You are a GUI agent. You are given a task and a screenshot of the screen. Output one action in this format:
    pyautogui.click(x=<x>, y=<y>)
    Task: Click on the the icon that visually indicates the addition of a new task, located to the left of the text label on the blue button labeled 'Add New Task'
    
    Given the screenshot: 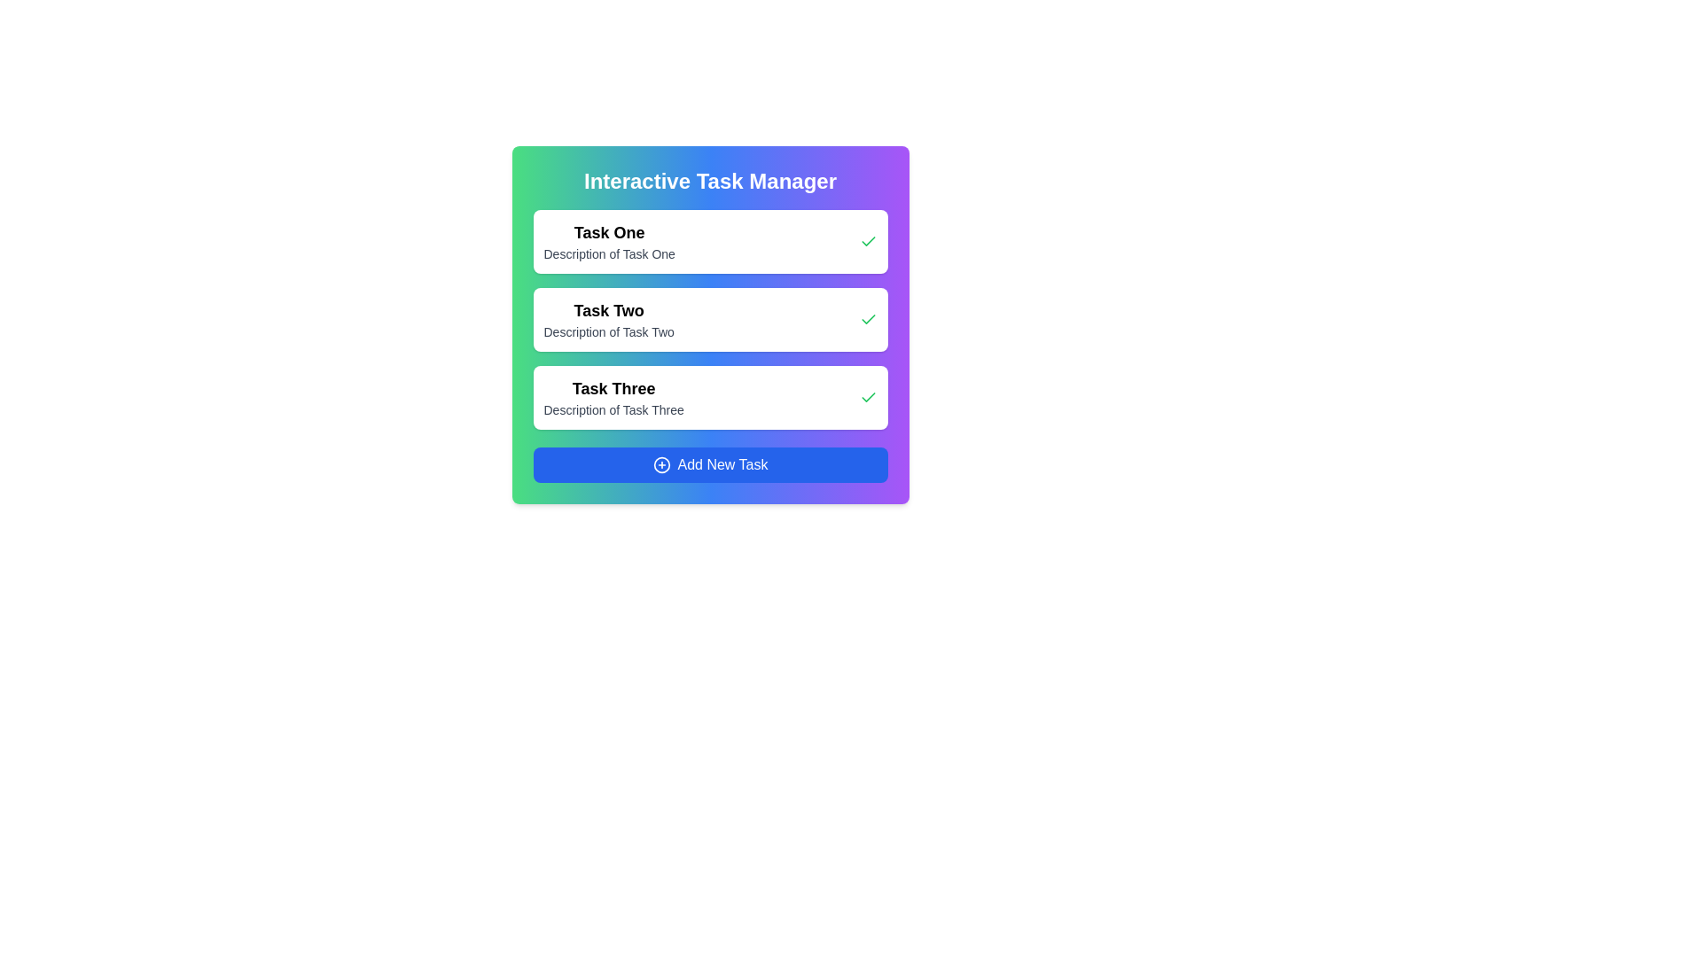 What is the action you would take?
    pyautogui.click(x=660, y=463)
    